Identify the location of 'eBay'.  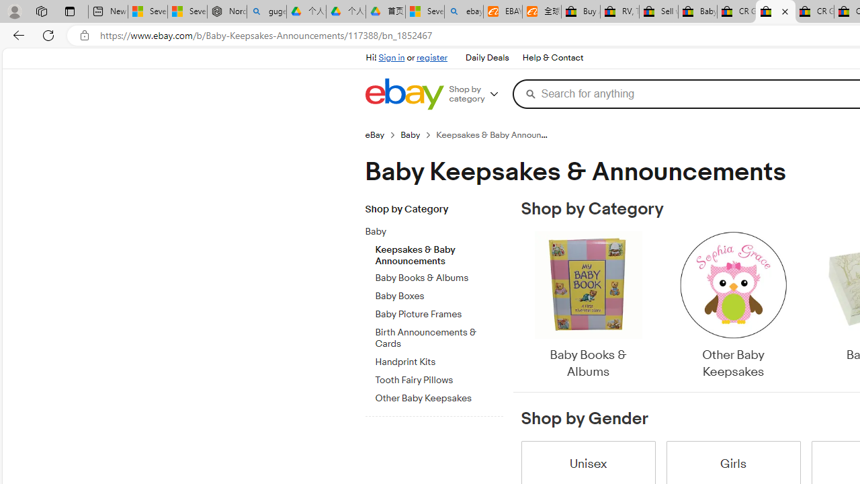
(382, 134).